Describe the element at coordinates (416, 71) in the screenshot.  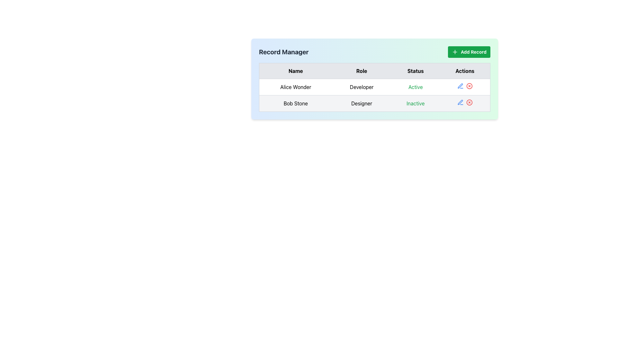
I see `text content of the table header cell labeled 'Status' which is located between the 'Role' and 'Actions' headers and has a light gray background with bold black text` at that location.